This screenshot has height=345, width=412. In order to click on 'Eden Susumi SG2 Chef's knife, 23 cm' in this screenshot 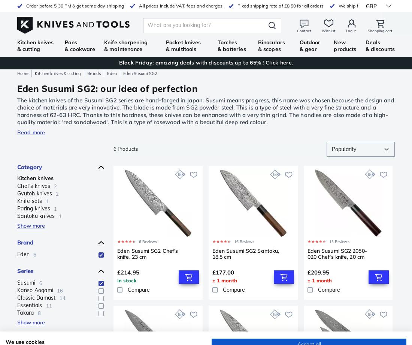, I will do `click(116, 253)`.